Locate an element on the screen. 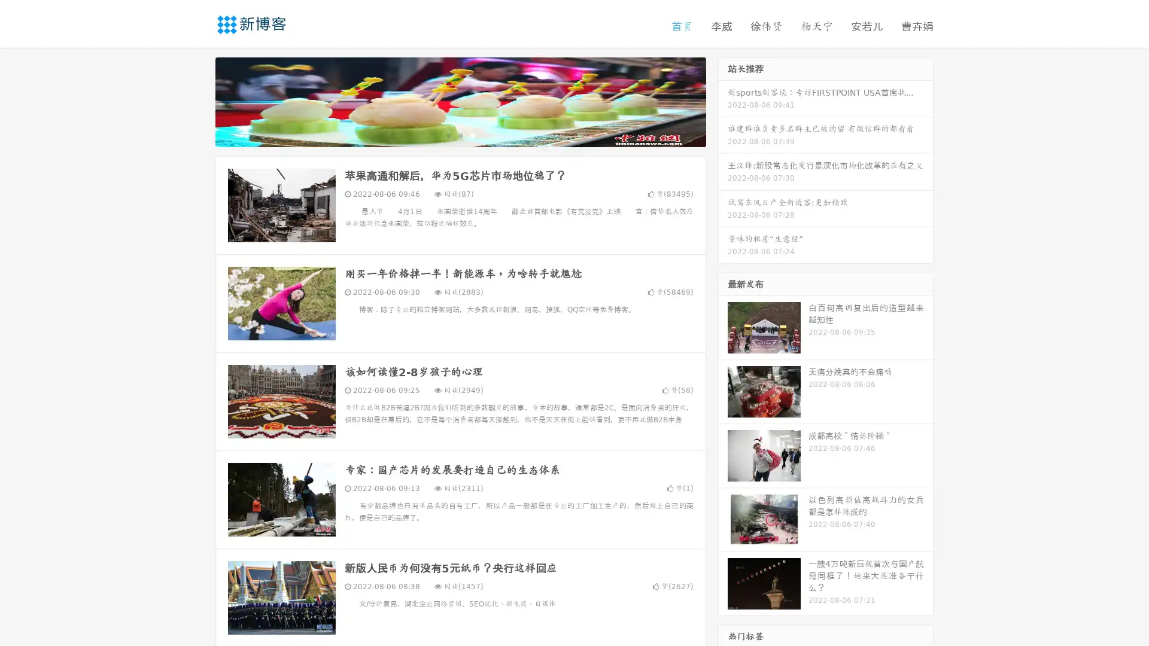  Go to slide 3 is located at coordinates (472, 135).